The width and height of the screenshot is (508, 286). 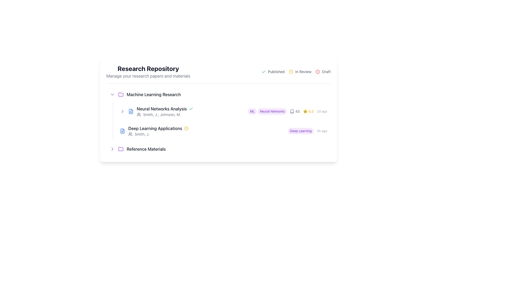 What do you see at coordinates (323, 71) in the screenshot?
I see `status represented by the 'Draft' label with an exclamation mark icon located in the top-right corner of the content management section` at bounding box center [323, 71].